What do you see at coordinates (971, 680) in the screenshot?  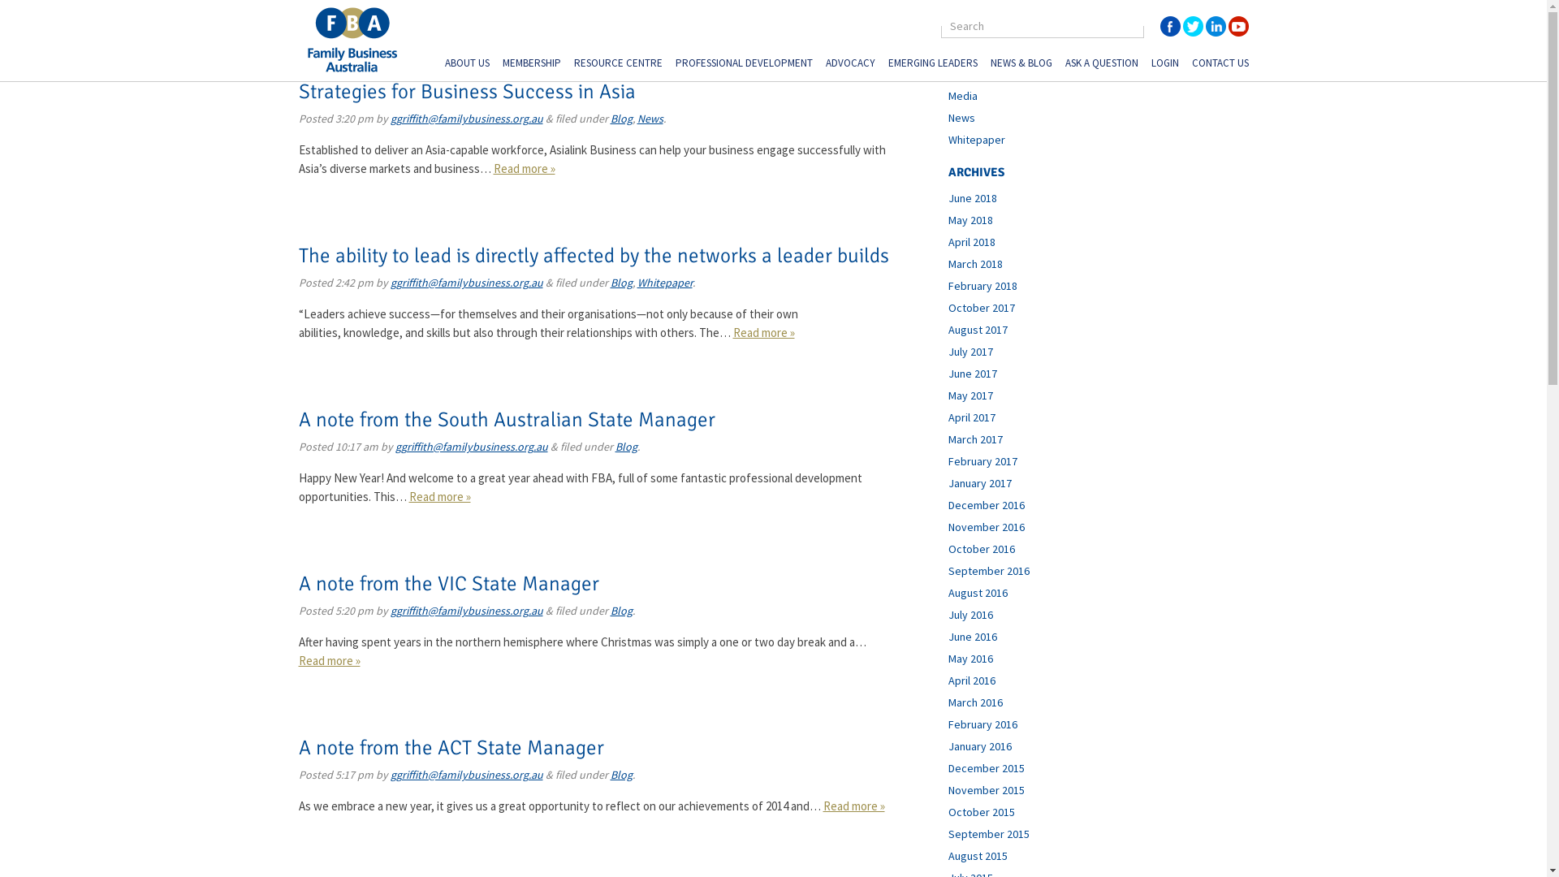 I see `'April 2016'` at bounding box center [971, 680].